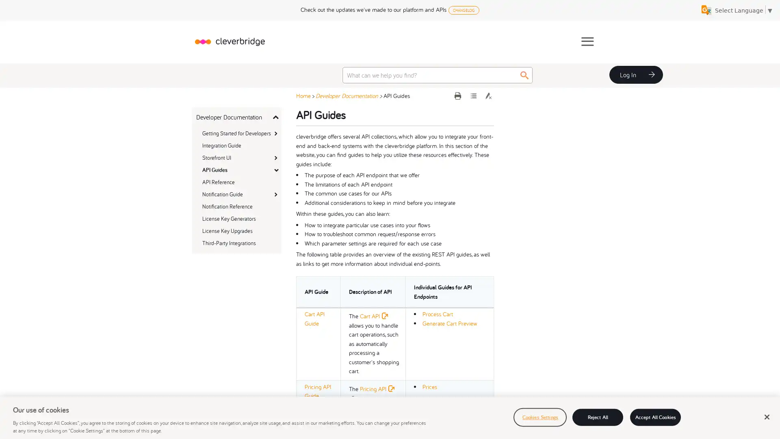  Describe the element at coordinates (766, 417) in the screenshot. I see `Close` at that location.